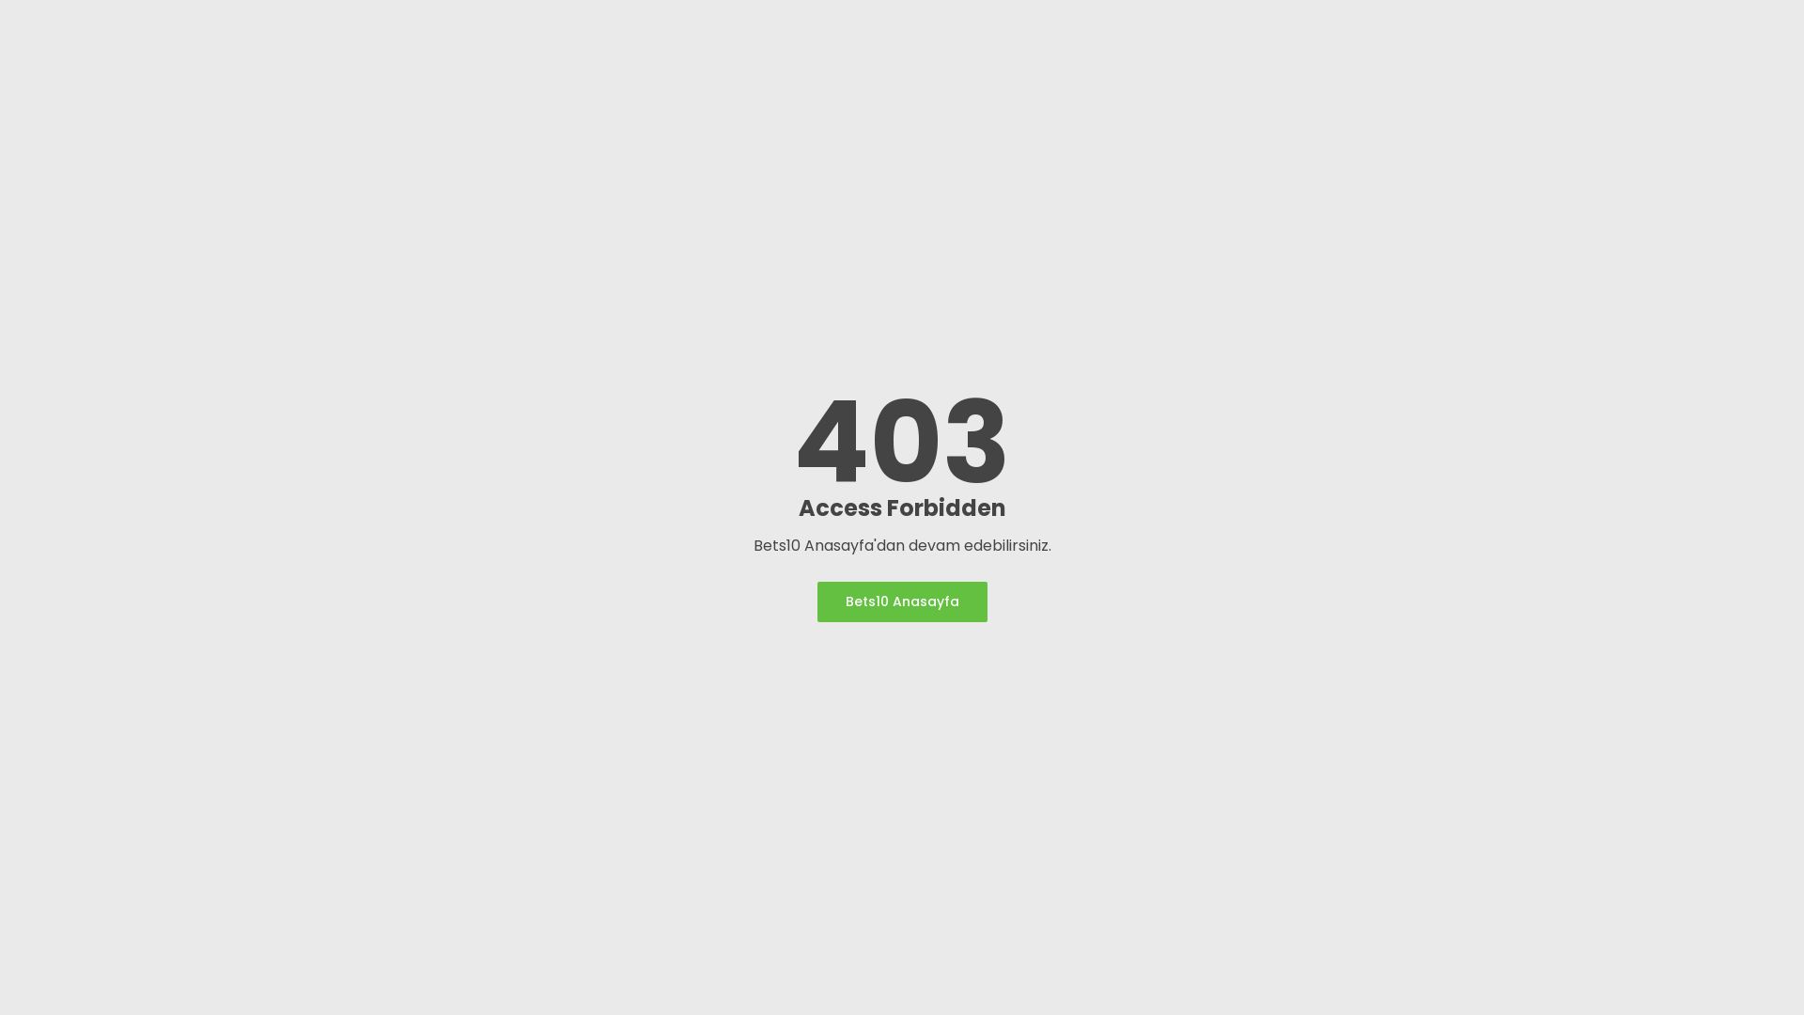  Describe the element at coordinates (902, 601) in the screenshot. I see `'Bets10 Anasayfa'` at that location.